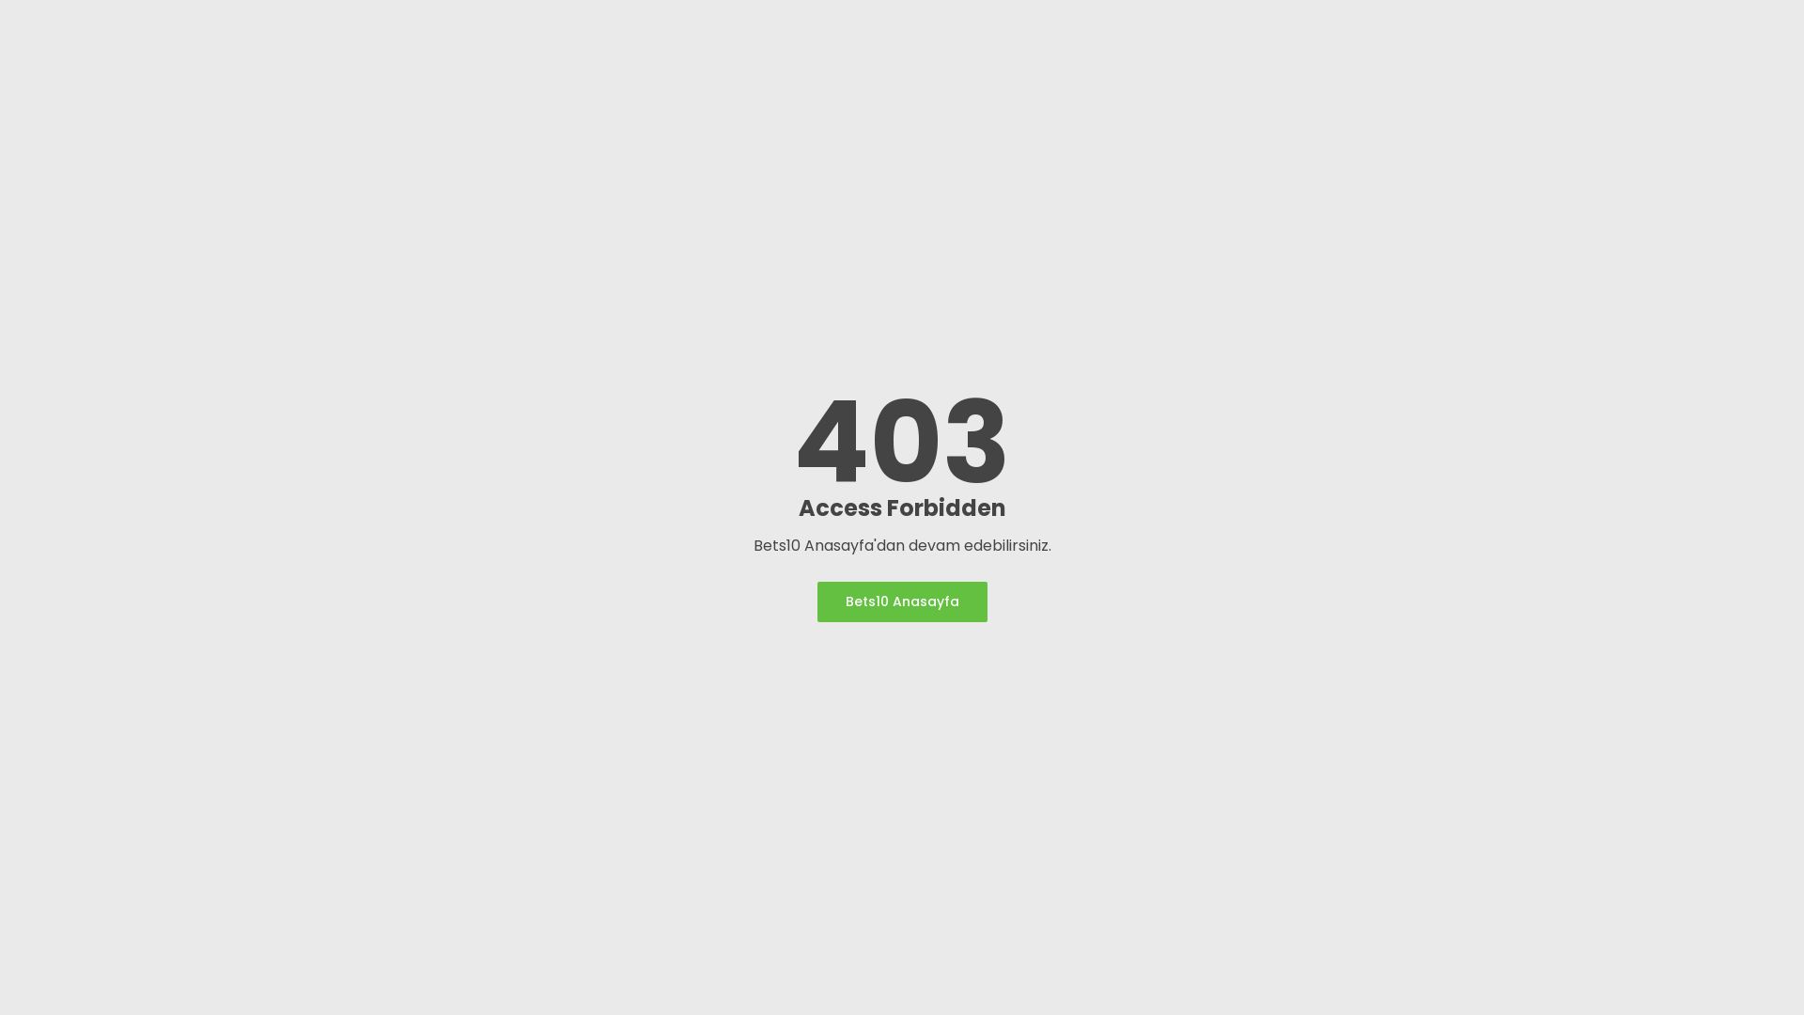  Describe the element at coordinates (902, 601) in the screenshot. I see `'Bets10 Anasayfa'` at that location.